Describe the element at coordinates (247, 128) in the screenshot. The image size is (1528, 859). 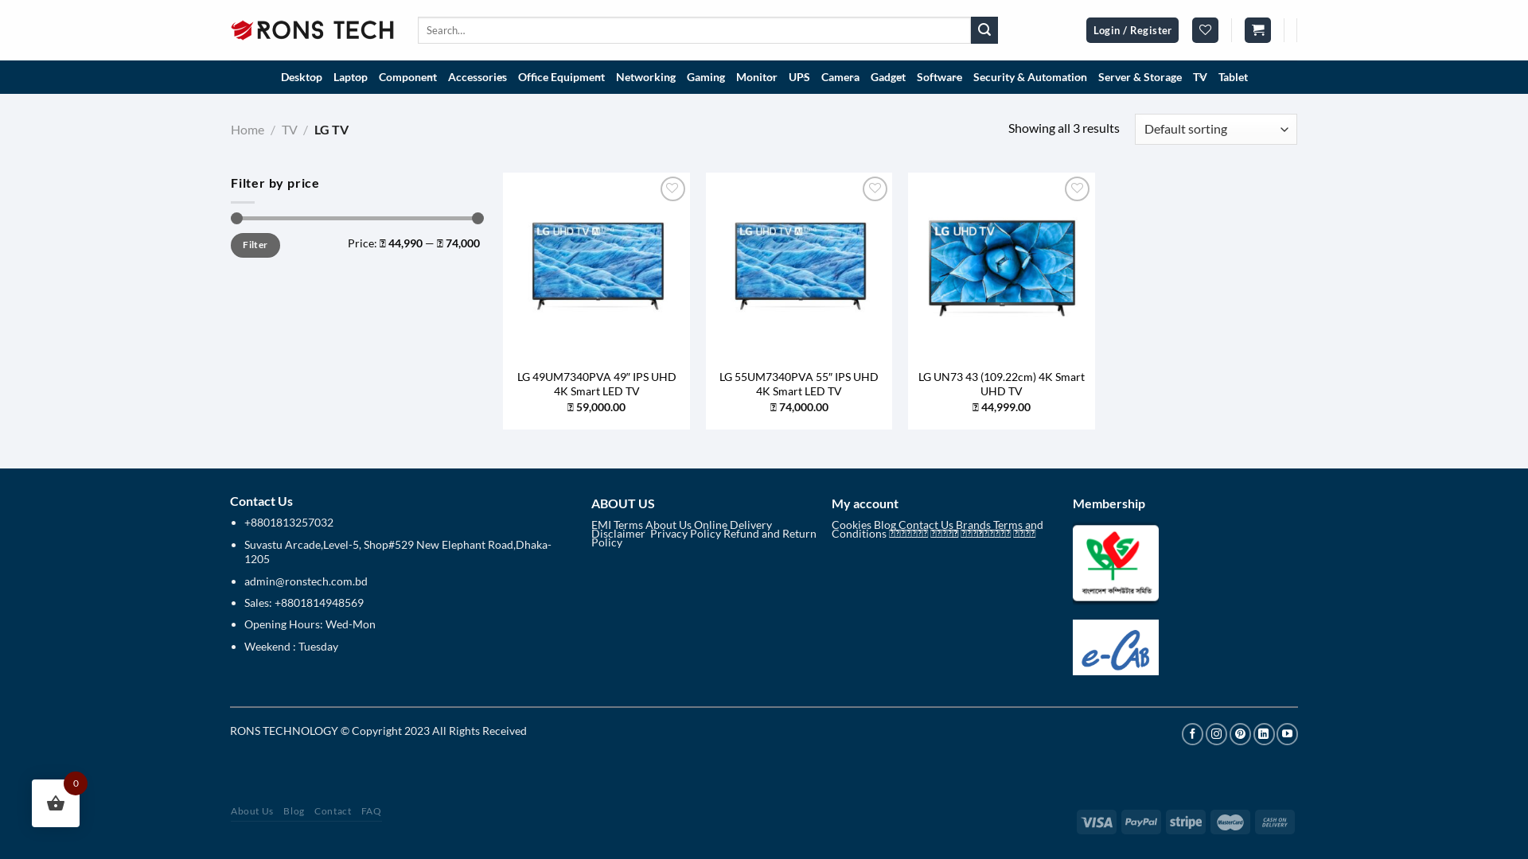
I see `'Home'` at that location.